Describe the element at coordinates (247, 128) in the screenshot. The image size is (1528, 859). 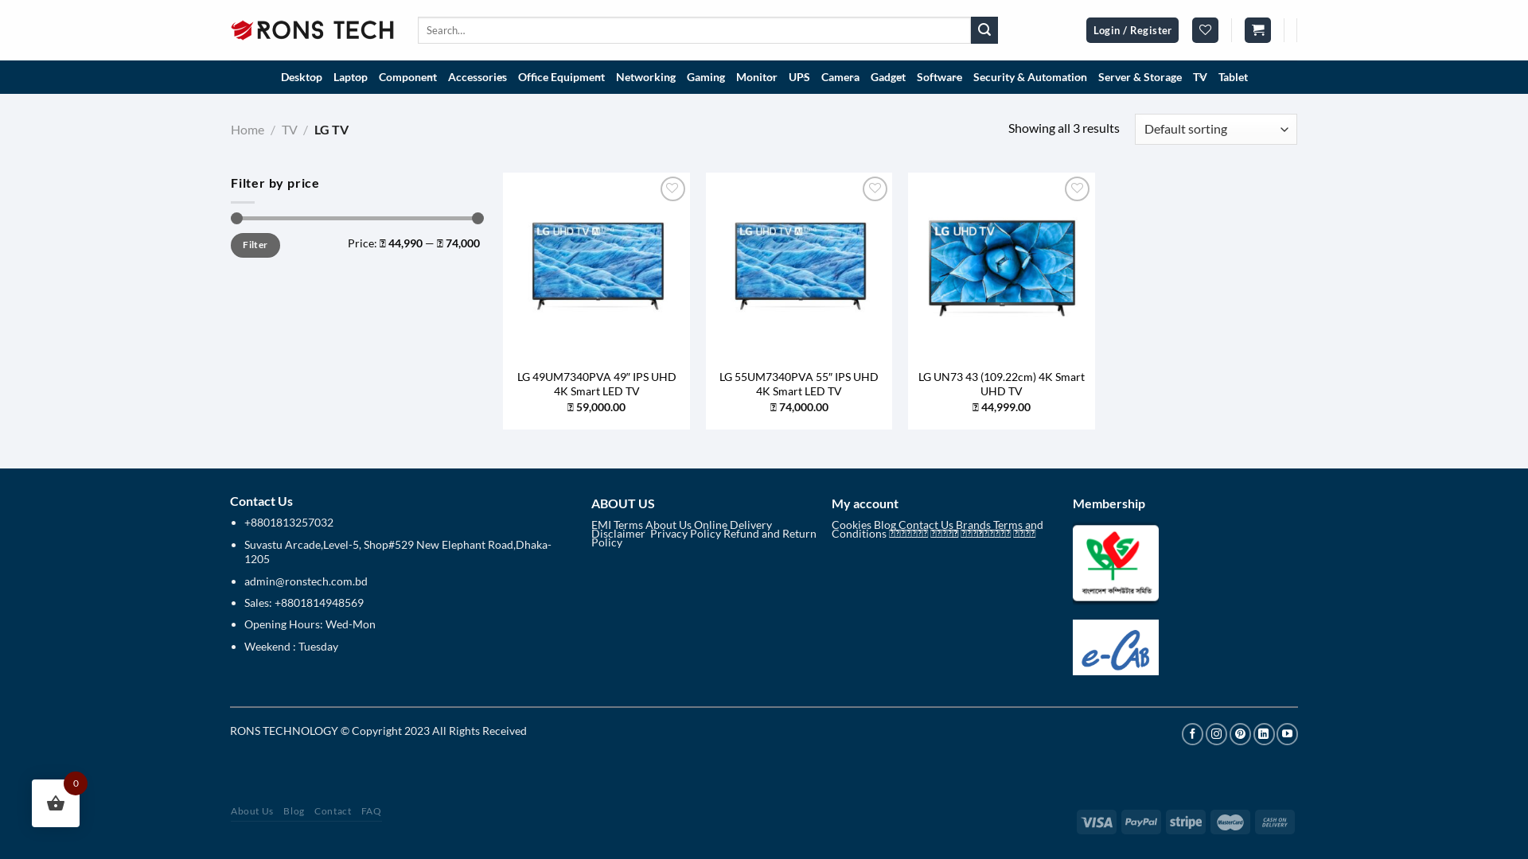
I see `'Home'` at that location.